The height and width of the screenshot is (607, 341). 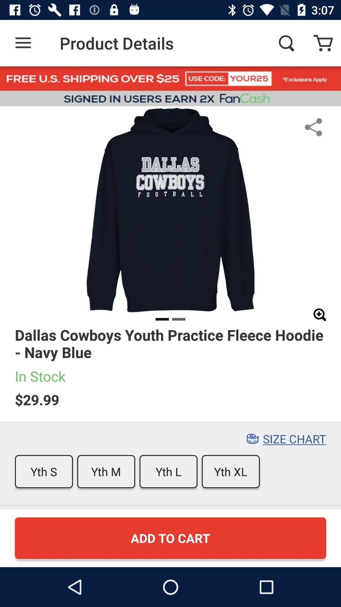 What do you see at coordinates (230, 471) in the screenshot?
I see `the yth xl icon` at bounding box center [230, 471].